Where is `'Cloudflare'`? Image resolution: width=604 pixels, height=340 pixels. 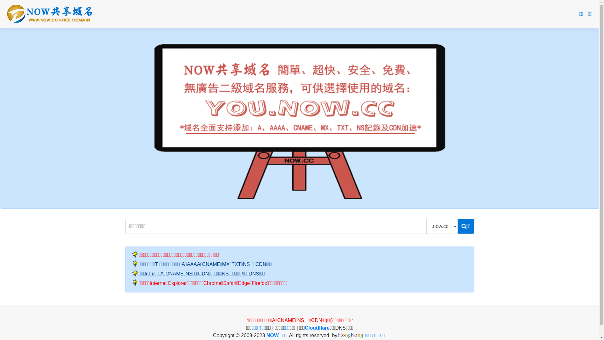
'Cloudflare' is located at coordinates (317, 327).